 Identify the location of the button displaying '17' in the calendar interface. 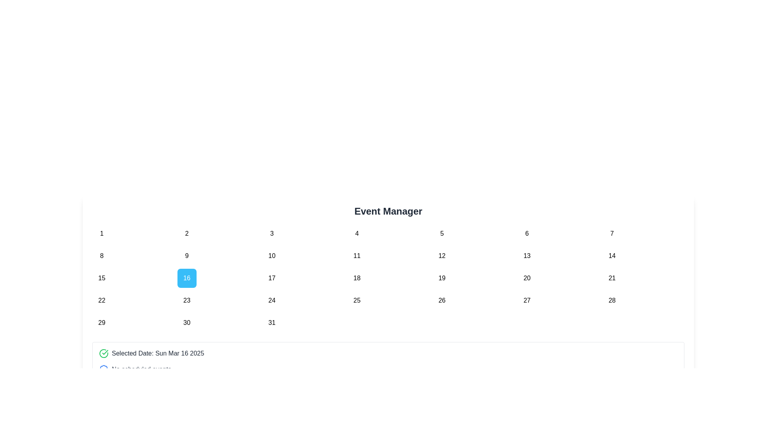
(272, 278).